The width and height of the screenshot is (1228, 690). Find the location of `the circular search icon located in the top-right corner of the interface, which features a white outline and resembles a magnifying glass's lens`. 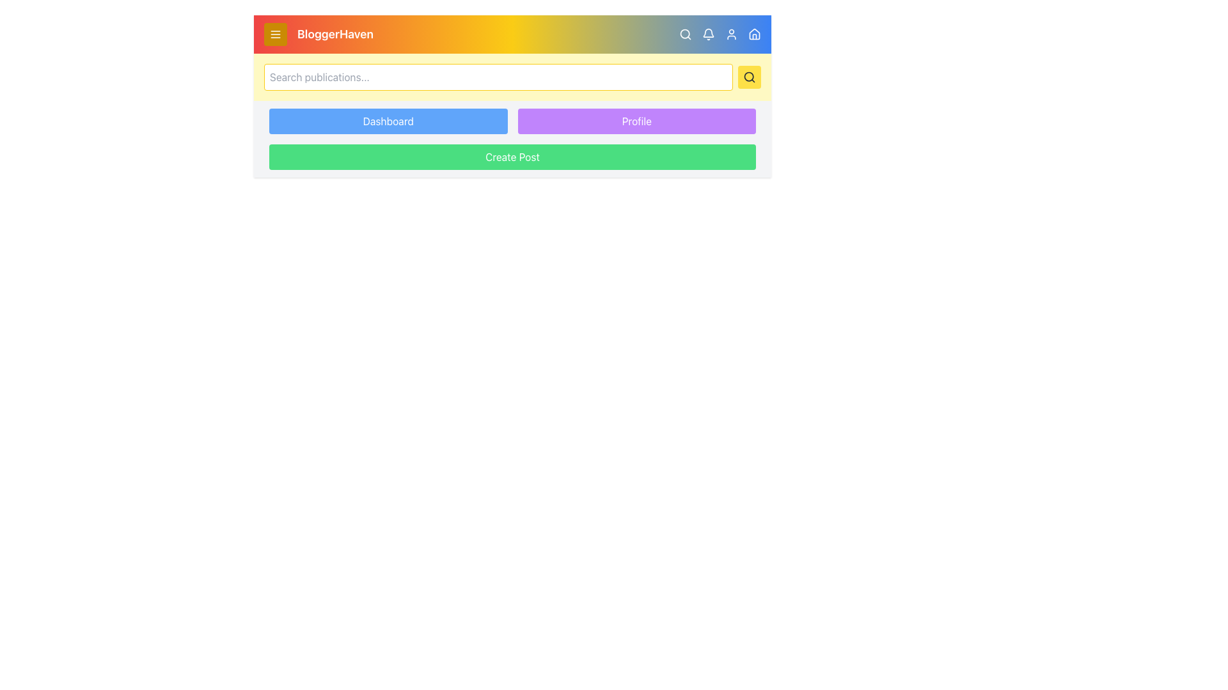

the circular search icon located in the top-right corner of the interface, which features a white outline and resembles a magnifying glass's lens is located at coordinates (684, 33).